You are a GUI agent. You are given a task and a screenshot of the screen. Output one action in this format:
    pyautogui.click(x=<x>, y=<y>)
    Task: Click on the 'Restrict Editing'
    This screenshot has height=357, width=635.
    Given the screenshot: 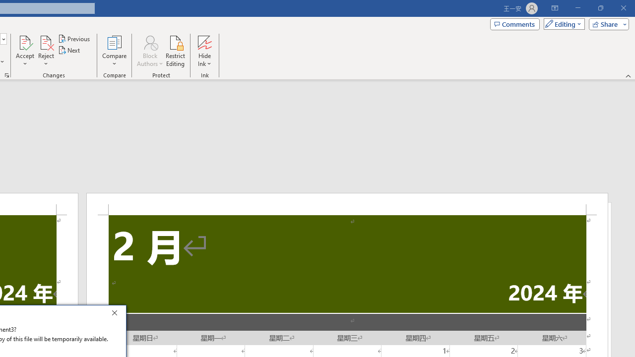 What is the action you would take?
    pyautogui.click(x=175, y=51)
    